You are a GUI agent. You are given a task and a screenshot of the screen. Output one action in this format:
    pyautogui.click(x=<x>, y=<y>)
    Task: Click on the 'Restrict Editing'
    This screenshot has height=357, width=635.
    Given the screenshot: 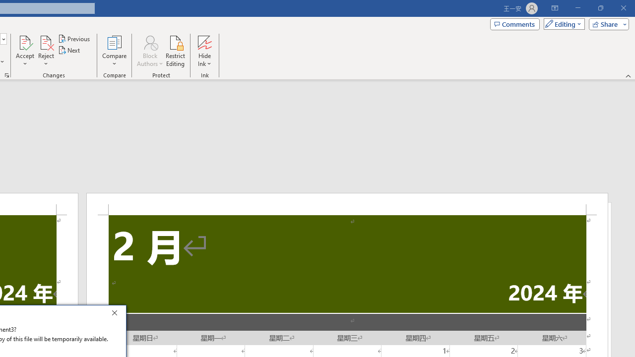 What is the action you would take?
    pyautogui.click(x=175, y=51)
    